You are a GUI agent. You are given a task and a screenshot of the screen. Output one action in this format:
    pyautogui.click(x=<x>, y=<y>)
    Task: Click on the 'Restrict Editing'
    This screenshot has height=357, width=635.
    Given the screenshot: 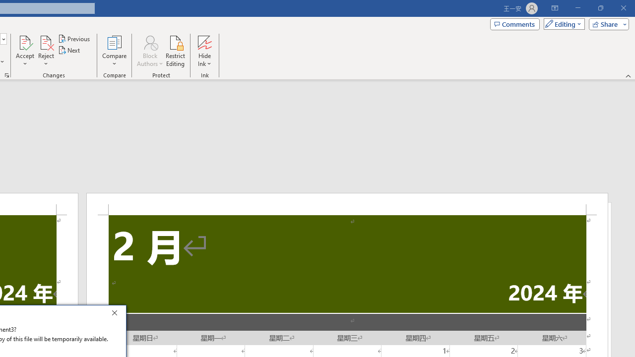 What is the action you would take?
    pyautogui.click(x=175, y=51)
    